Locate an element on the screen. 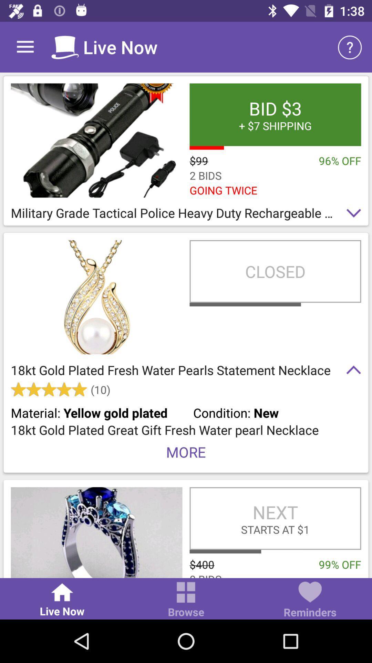  item is located at coordinates (96, 532).